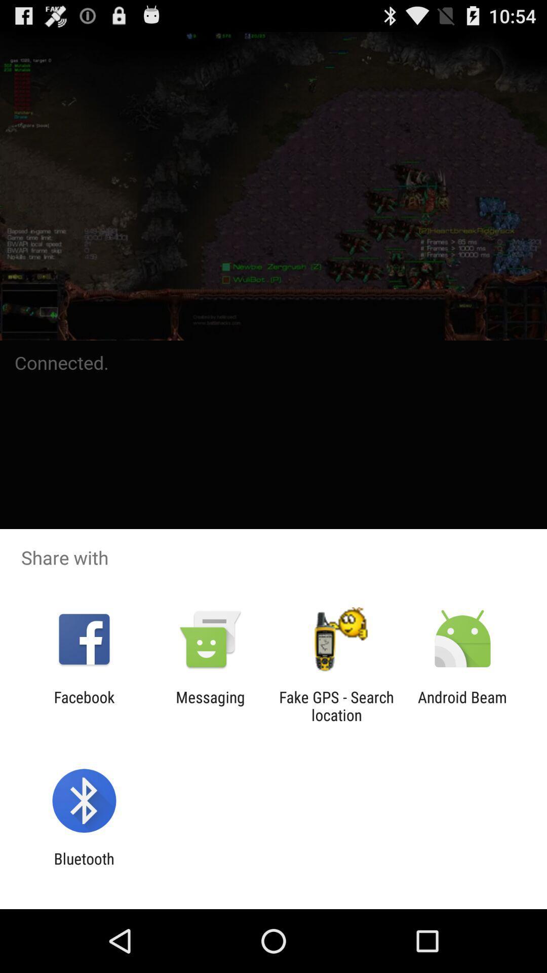 The height and width of the screenshot is (973, 547). What do you see at coordinates (462, 705) in the screenshot?
I see `the item at the bottom right corner` at bounding box center [462, 705].